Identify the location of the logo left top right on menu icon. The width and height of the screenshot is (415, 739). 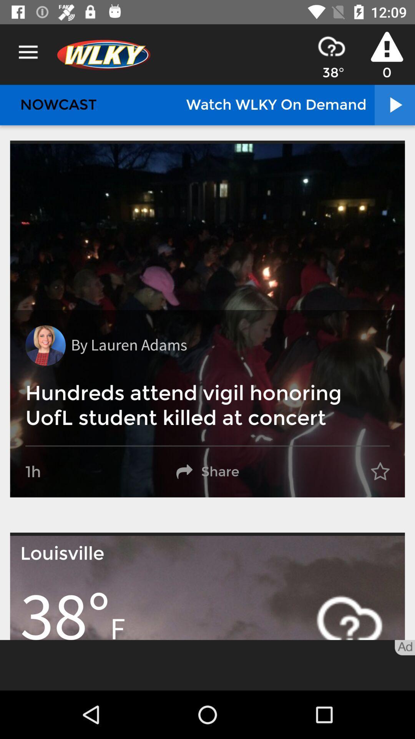
(105, 54).